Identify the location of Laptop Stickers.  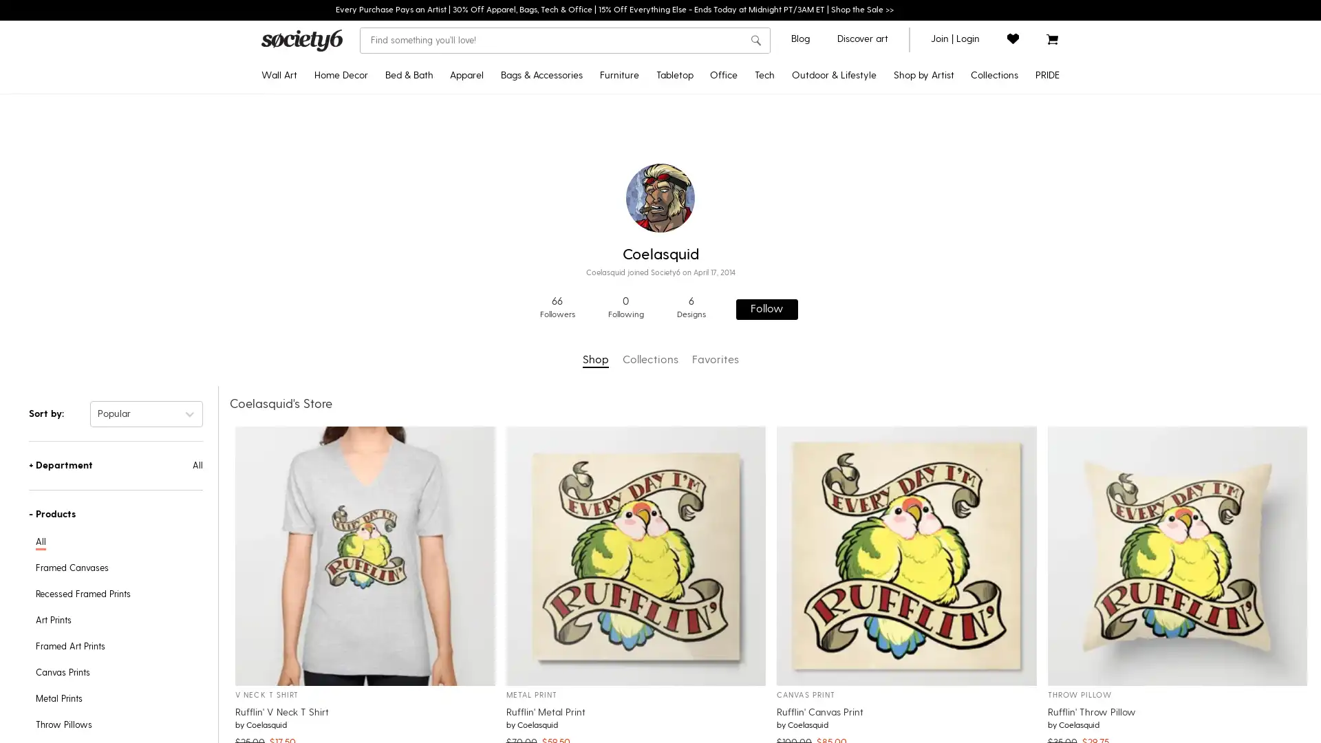
(813, 310).